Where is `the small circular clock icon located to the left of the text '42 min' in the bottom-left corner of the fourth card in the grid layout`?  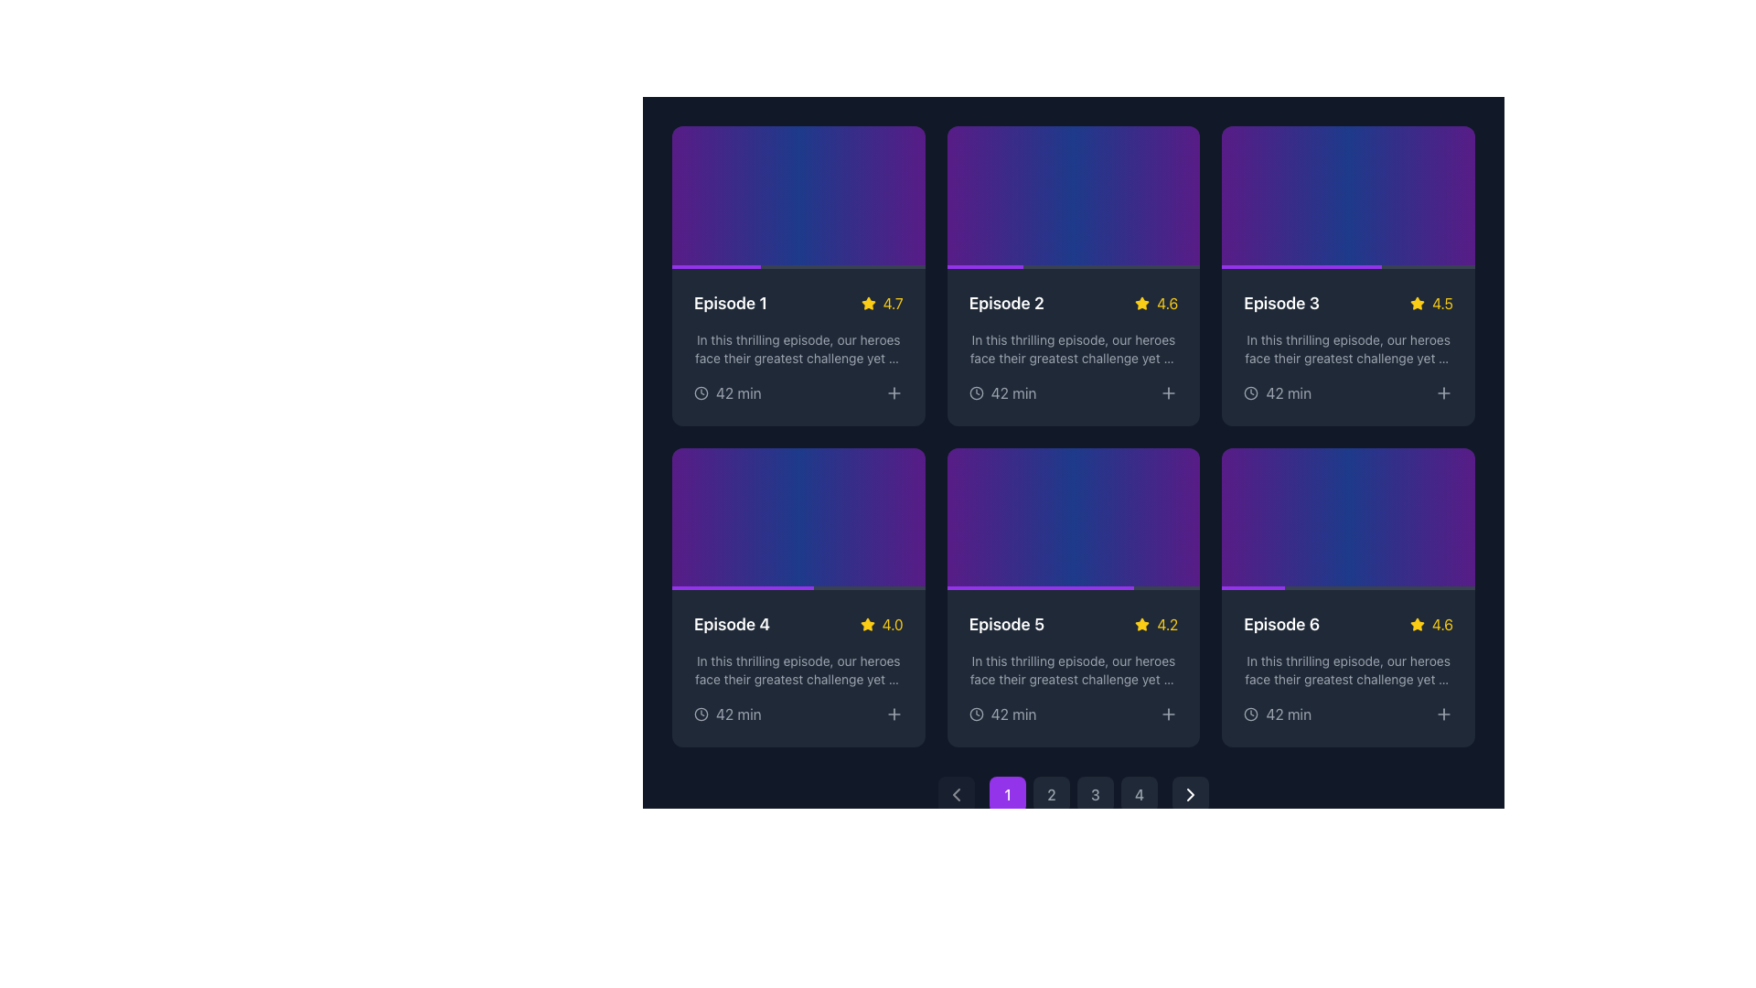 the small circular clock icon located to the left of the text '42 min' in the bottom-left corner of the fourth card in the grid layout is located at coordinates (701, 713).